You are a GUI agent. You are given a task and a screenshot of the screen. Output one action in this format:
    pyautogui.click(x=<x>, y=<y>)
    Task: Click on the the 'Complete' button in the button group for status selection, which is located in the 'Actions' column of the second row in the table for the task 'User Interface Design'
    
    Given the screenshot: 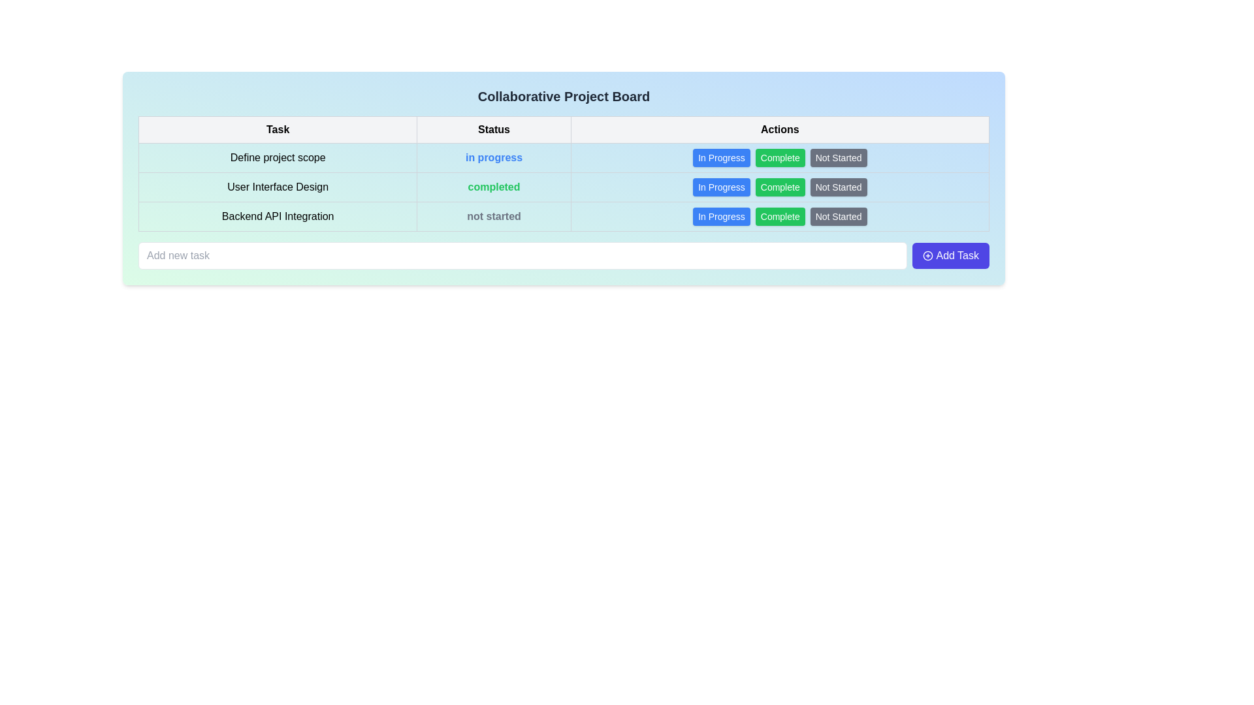 What is the action you would take?
    pyautogui.click(x=780, y=187)
    